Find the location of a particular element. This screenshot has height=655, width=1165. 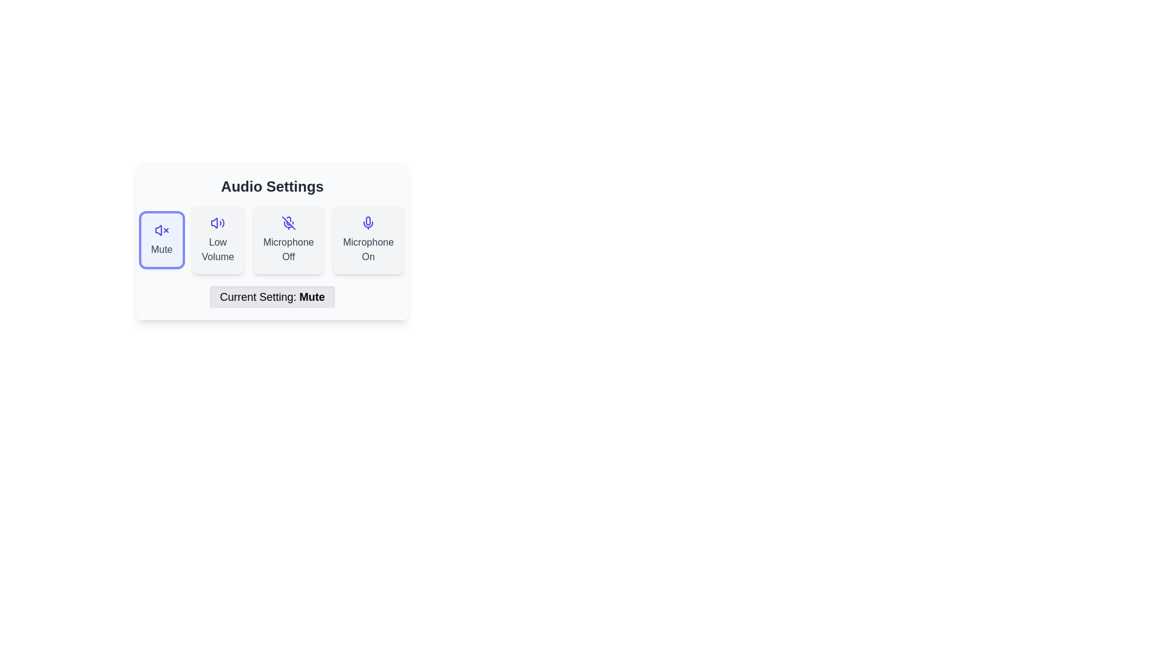

the diagonal line within the muted microphone icon, which is the 'Microphone Off' button located third from the left in the main audio settings control row is located at coordinates (288, 223).